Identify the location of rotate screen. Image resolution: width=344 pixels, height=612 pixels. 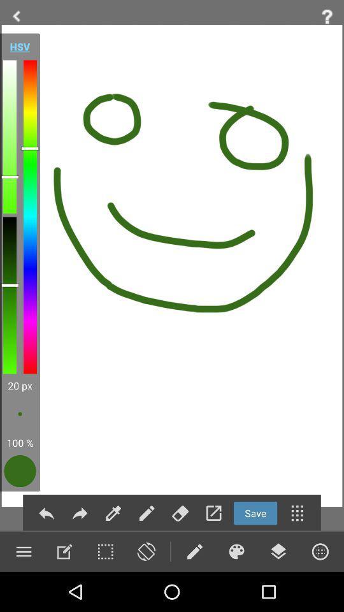
(145, 551).